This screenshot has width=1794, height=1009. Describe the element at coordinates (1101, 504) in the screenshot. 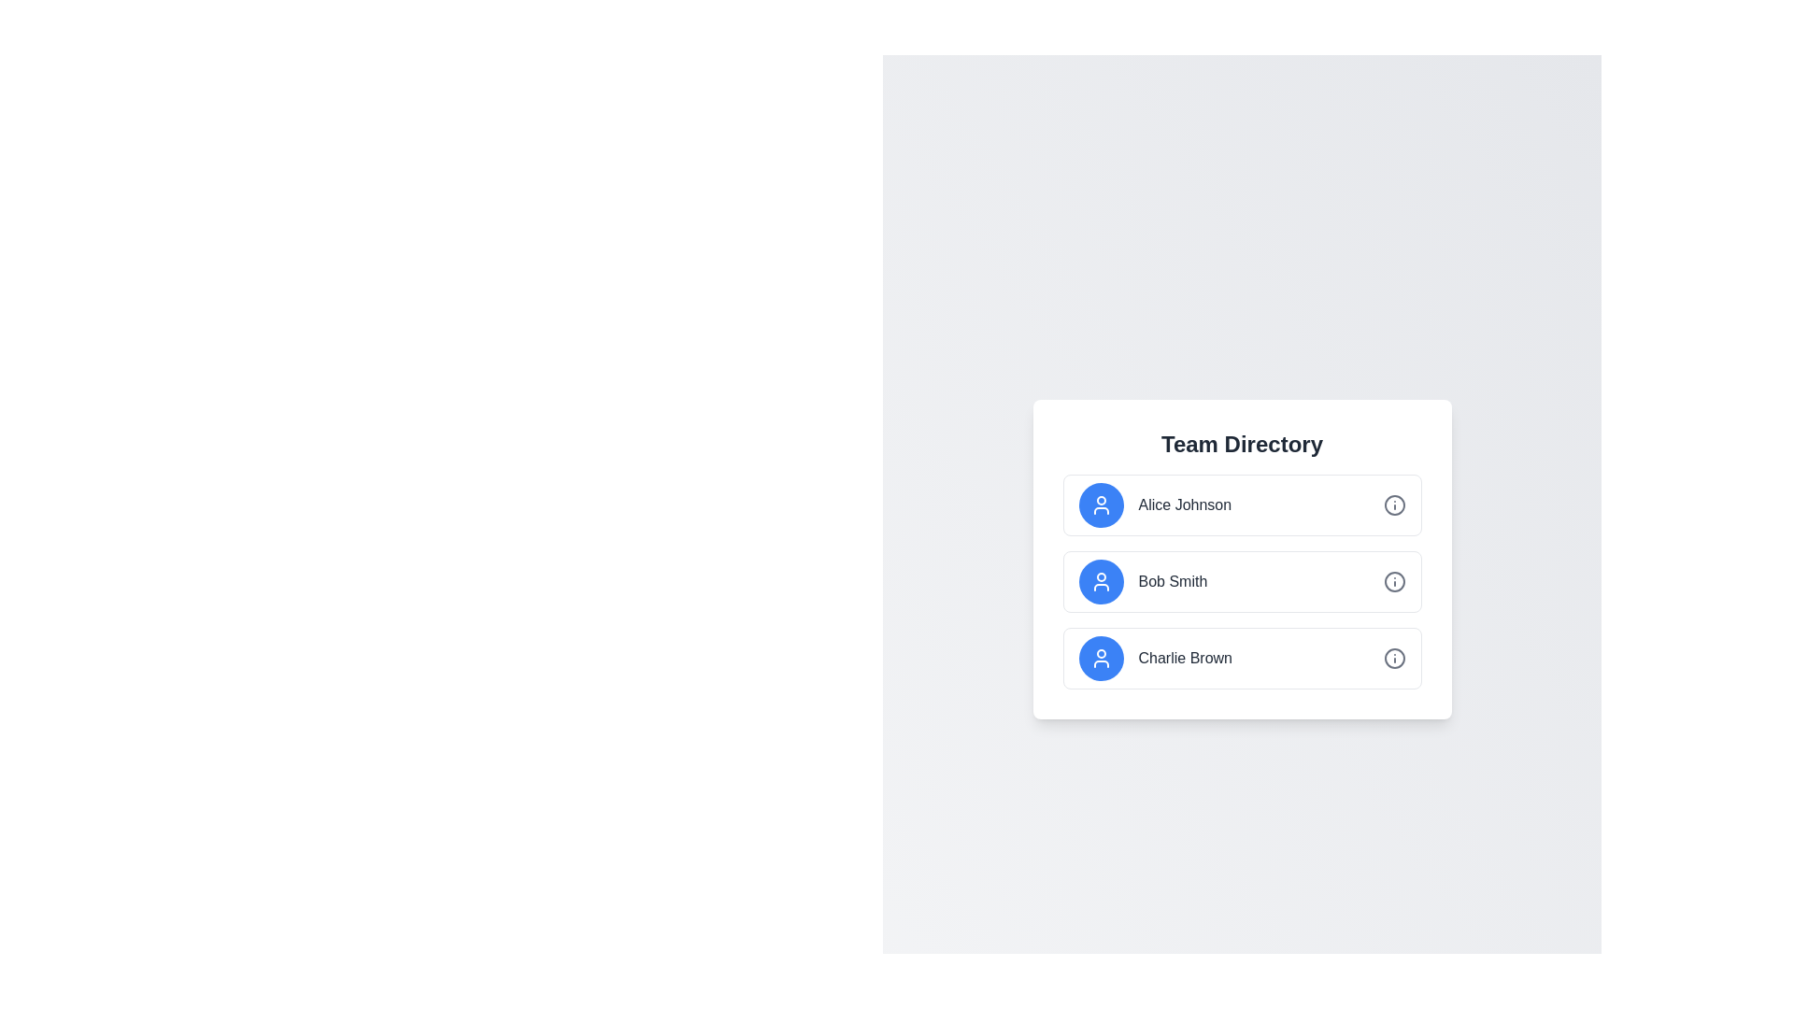

I see `the user profile icon, which is an outline of a person inside a blue circular background, located beside 'Alice Johnson' in the team directory` at that location.